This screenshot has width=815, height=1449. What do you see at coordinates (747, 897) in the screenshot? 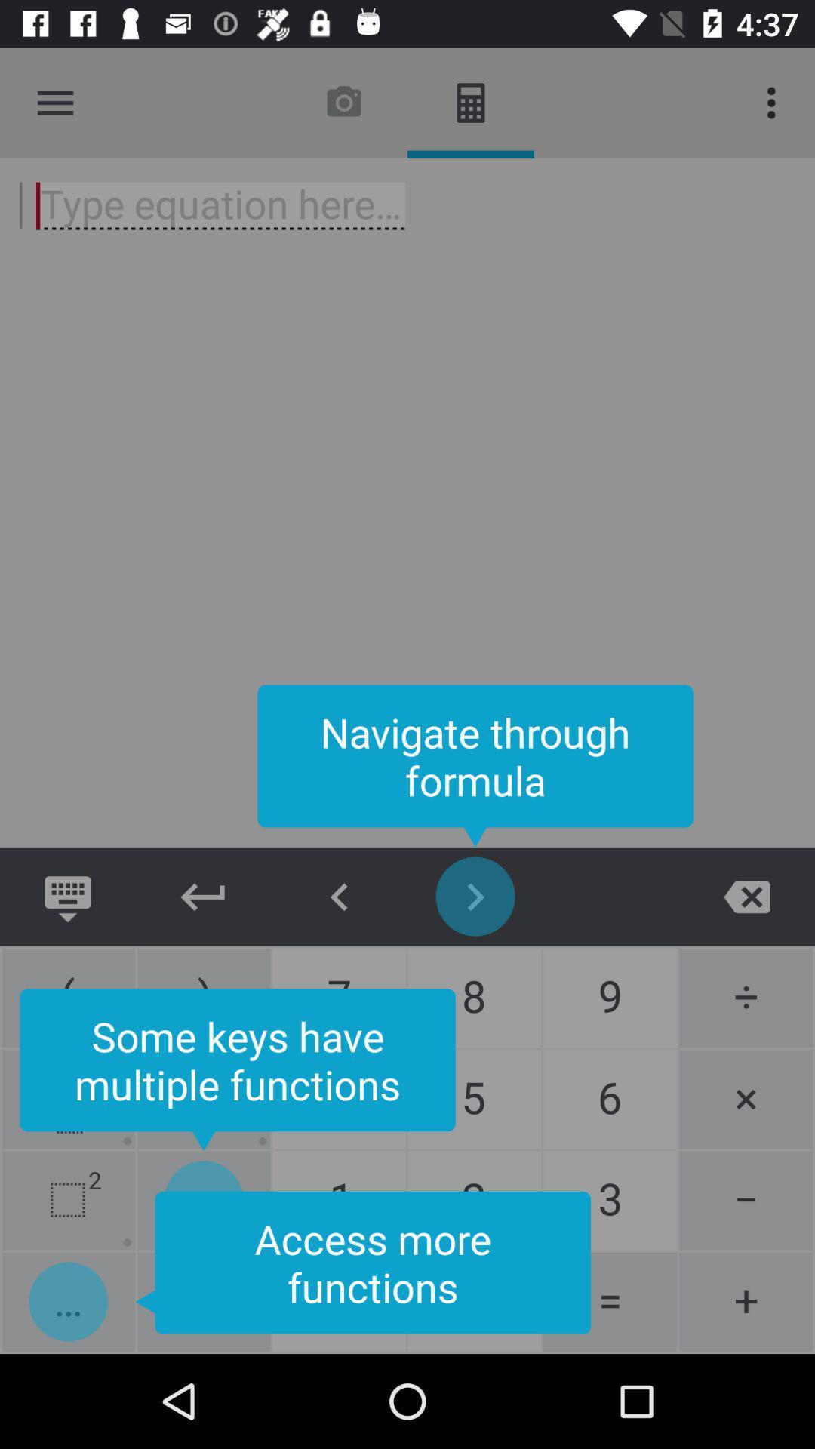
I see `the close icon` at bounding box center [747, 897].